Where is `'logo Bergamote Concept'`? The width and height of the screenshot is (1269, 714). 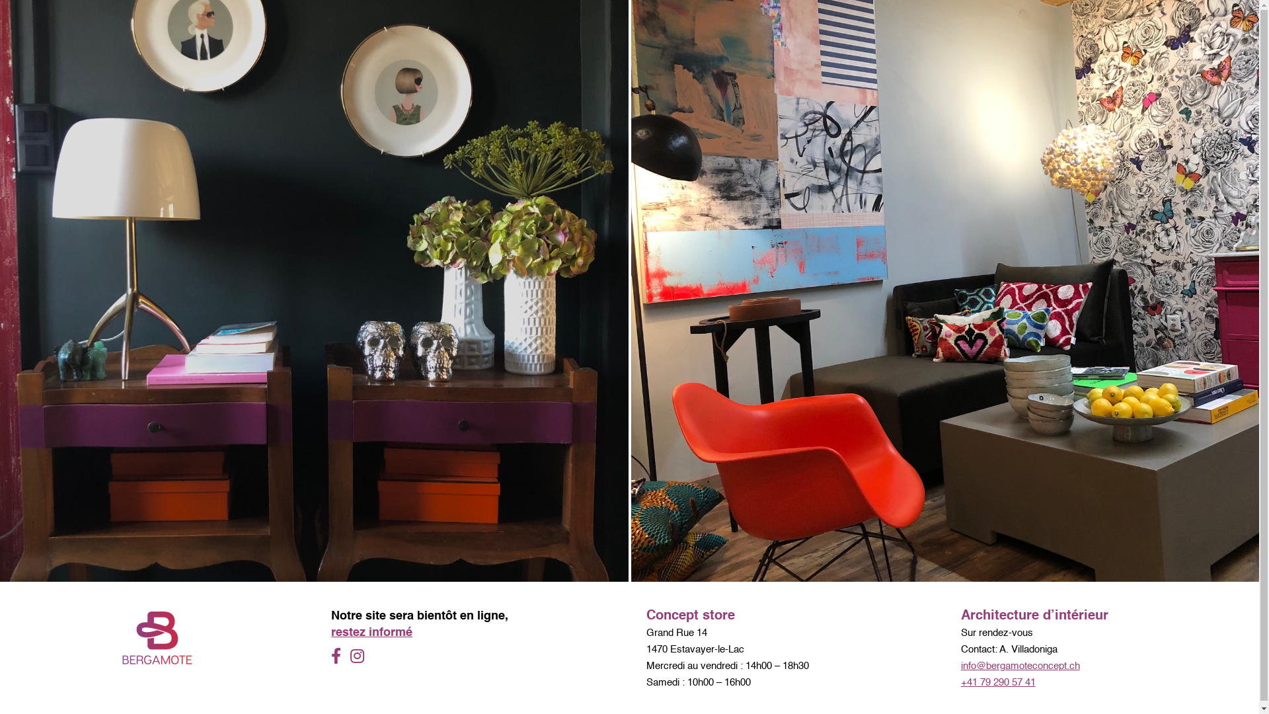
'logo Bergamote Concept' is located at coordinates (157, 637).